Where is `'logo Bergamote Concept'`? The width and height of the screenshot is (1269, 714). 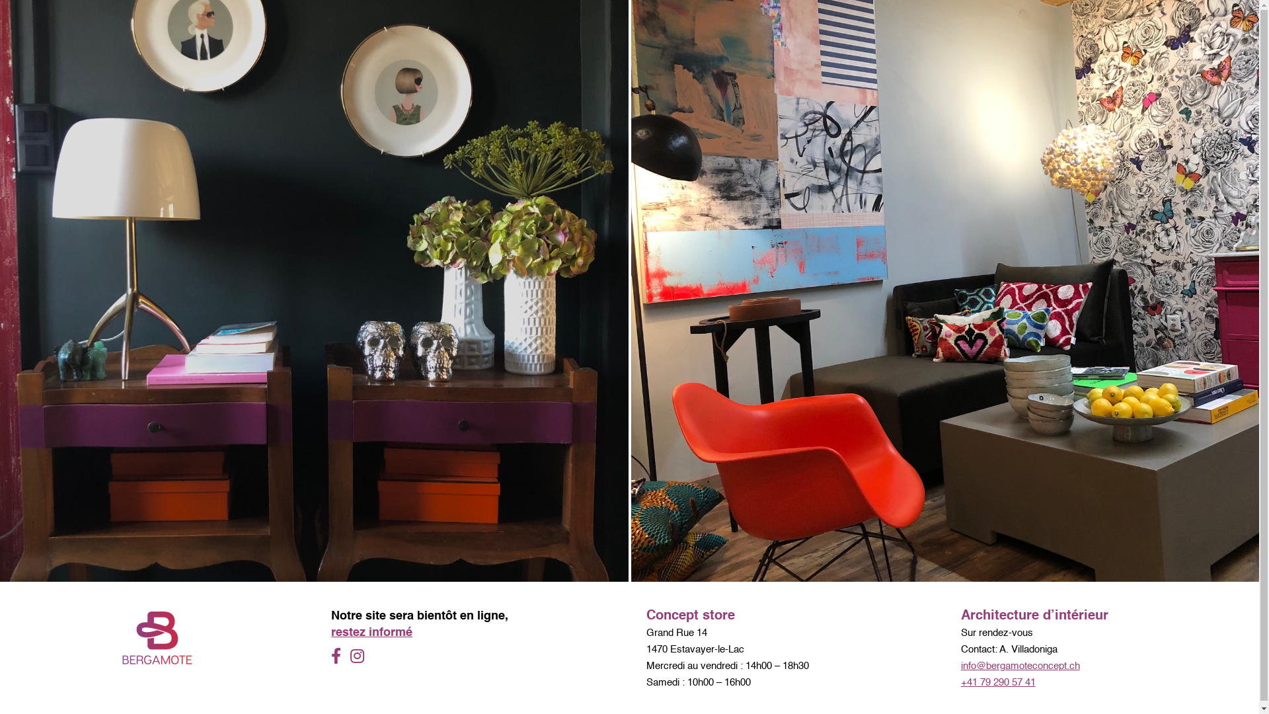
'logo Bergamote Concept' is located at coordinates (157, 637).